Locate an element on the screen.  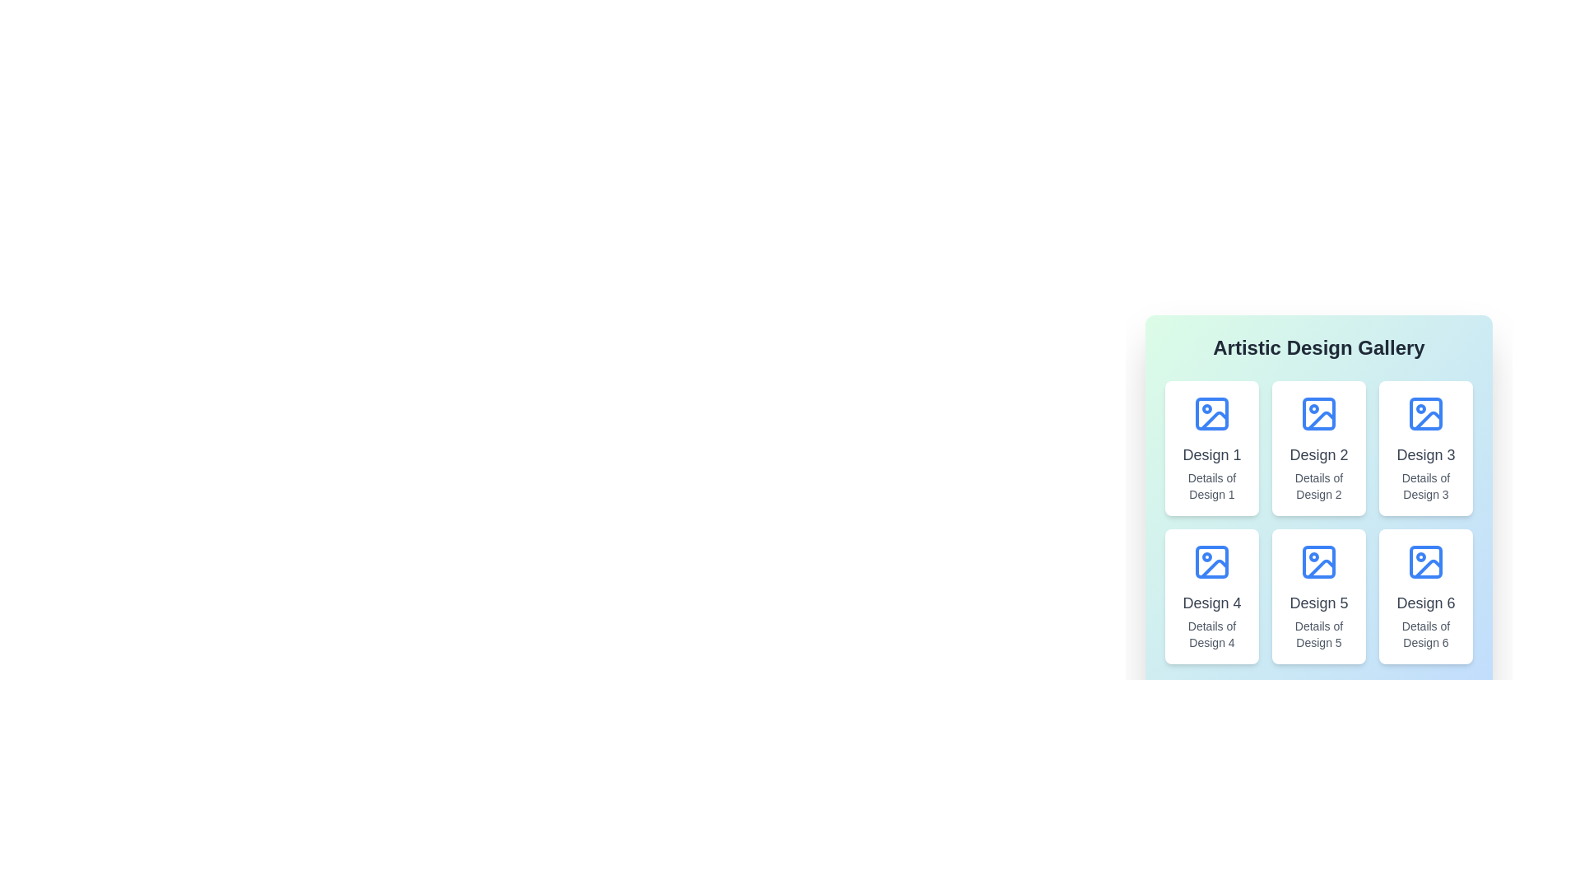
the decorative graphical element within the image icon located in the 'Design 3' card in the design gallery is located at coordinates (1424, 412).